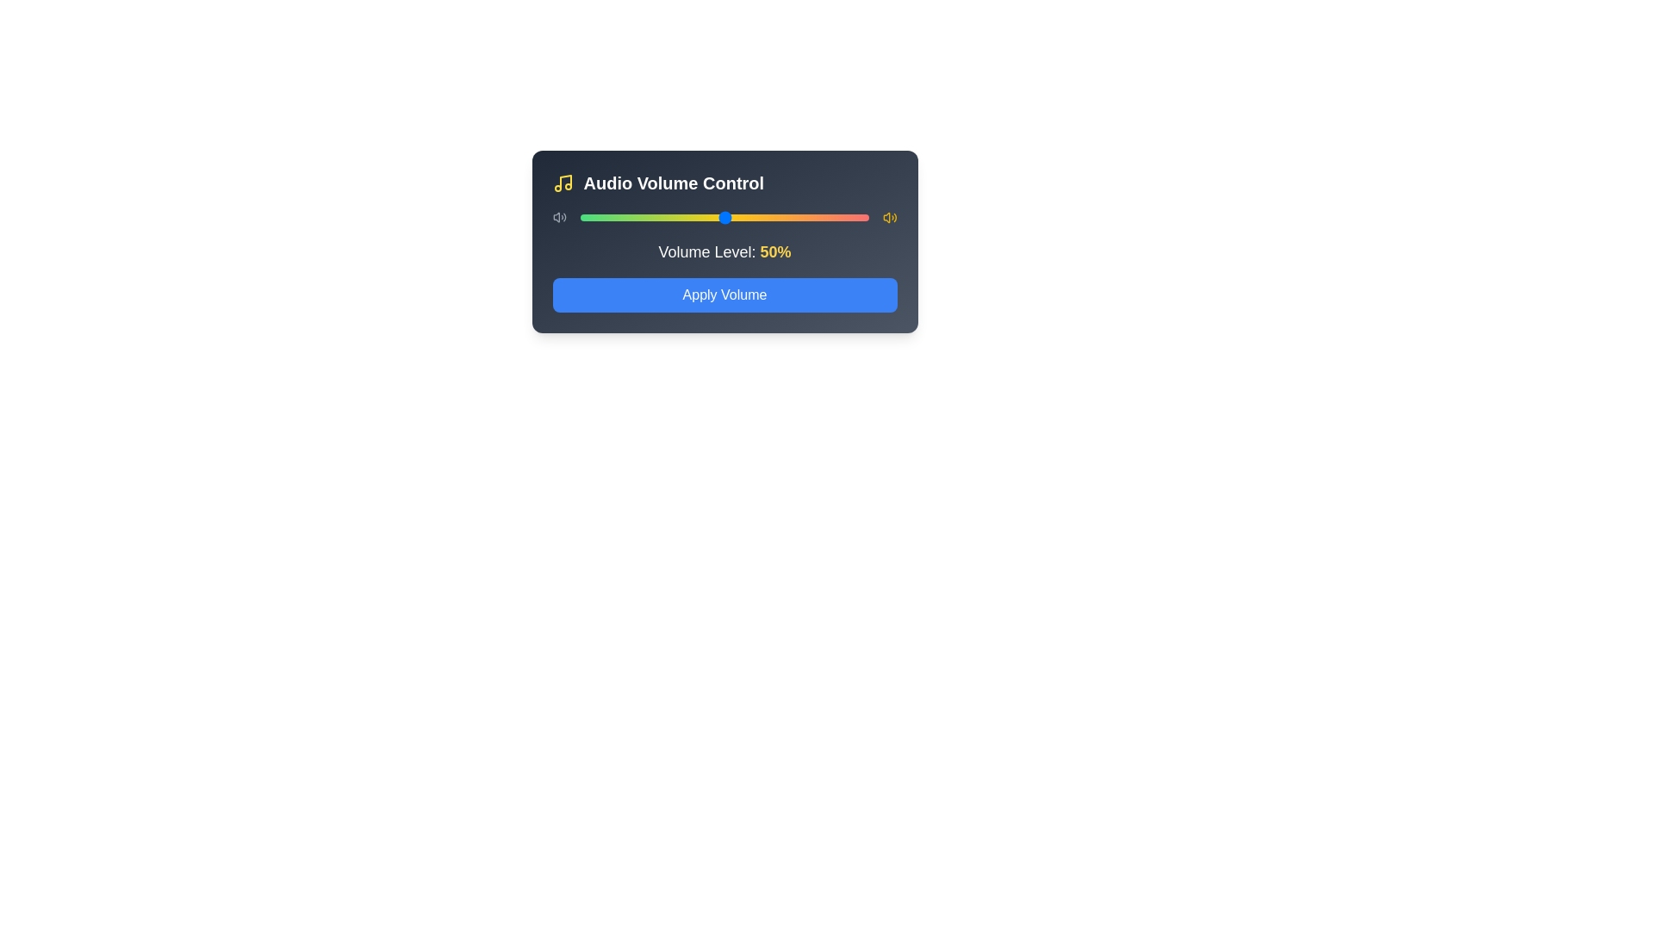 The width and height of the screenshot is (1654, 930). What do you see at coordinates (724, 217) in the screenshot?
I see `the volume slider to set the volume to 50%` at bounding box center [724, 217].